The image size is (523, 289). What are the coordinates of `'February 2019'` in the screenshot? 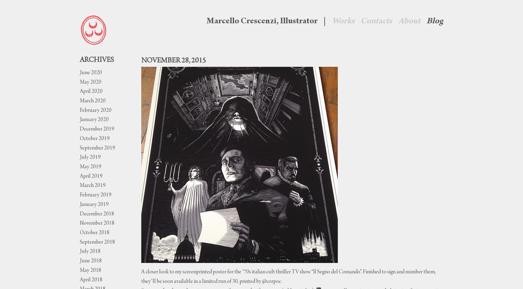 It's located at (95, 195).